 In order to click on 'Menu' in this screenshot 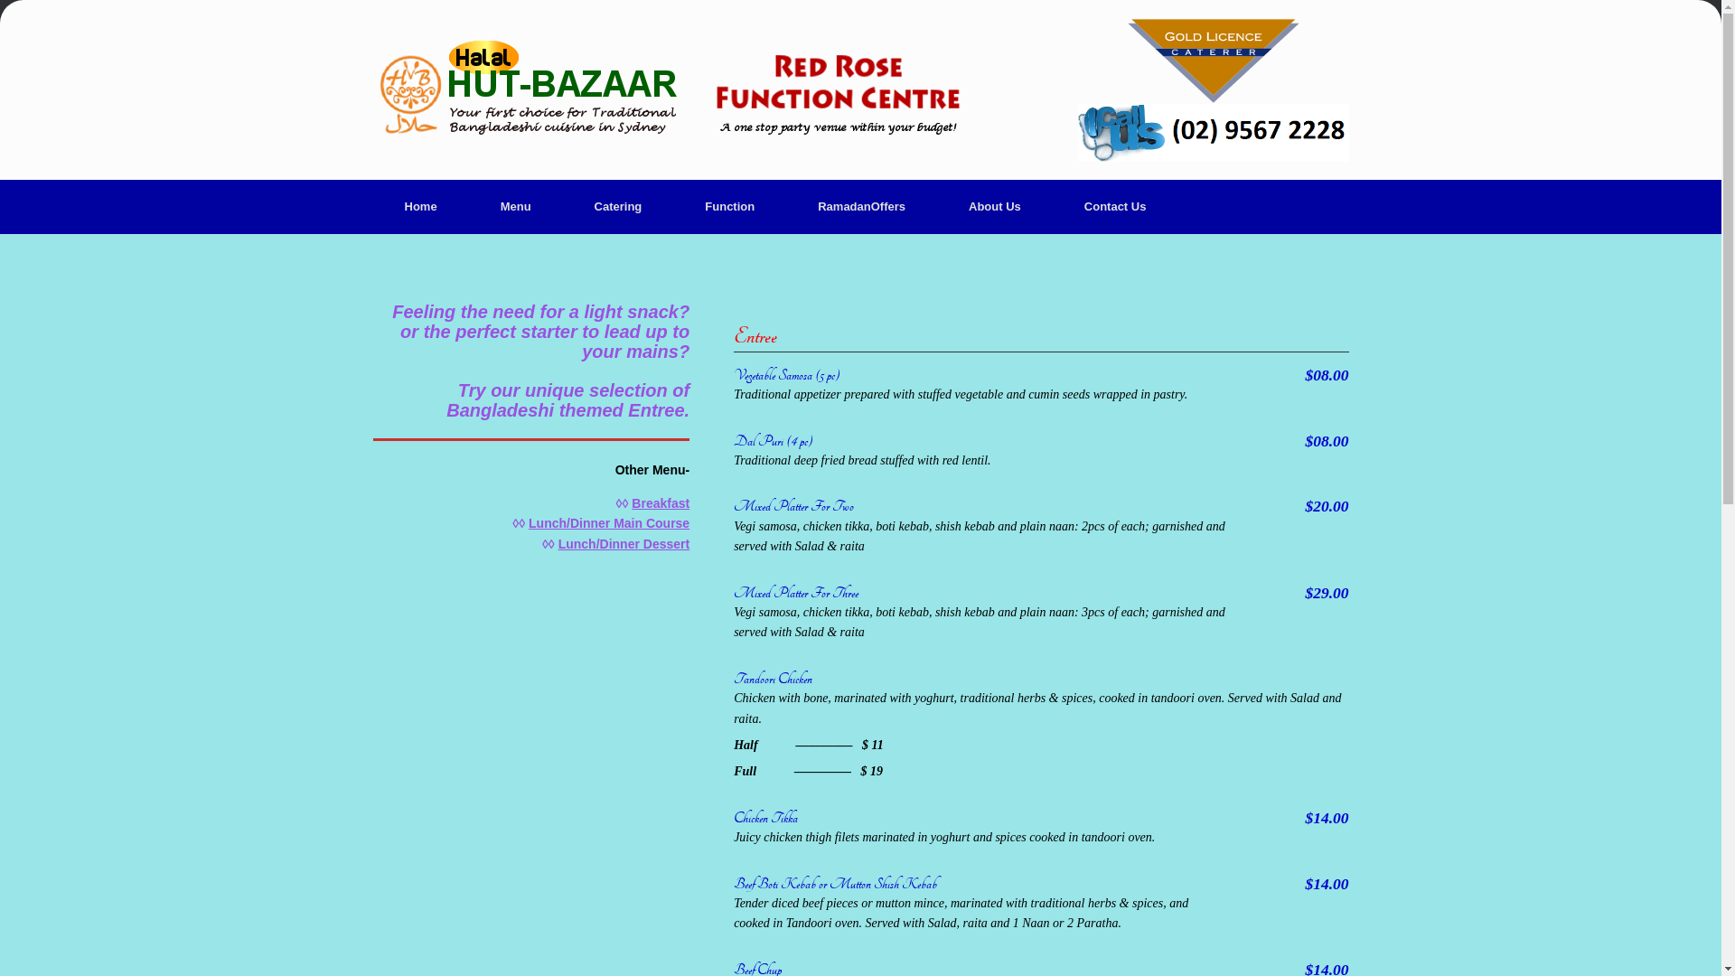, I will do `click(515, 205)`.